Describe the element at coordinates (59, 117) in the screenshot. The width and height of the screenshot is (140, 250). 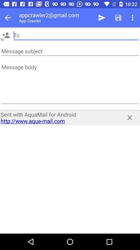
I see `sent with aquamail app` at that location.